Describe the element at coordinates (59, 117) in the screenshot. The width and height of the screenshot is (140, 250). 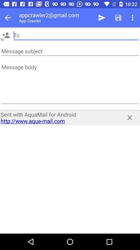
I see `sent with aquamail app` at that location.